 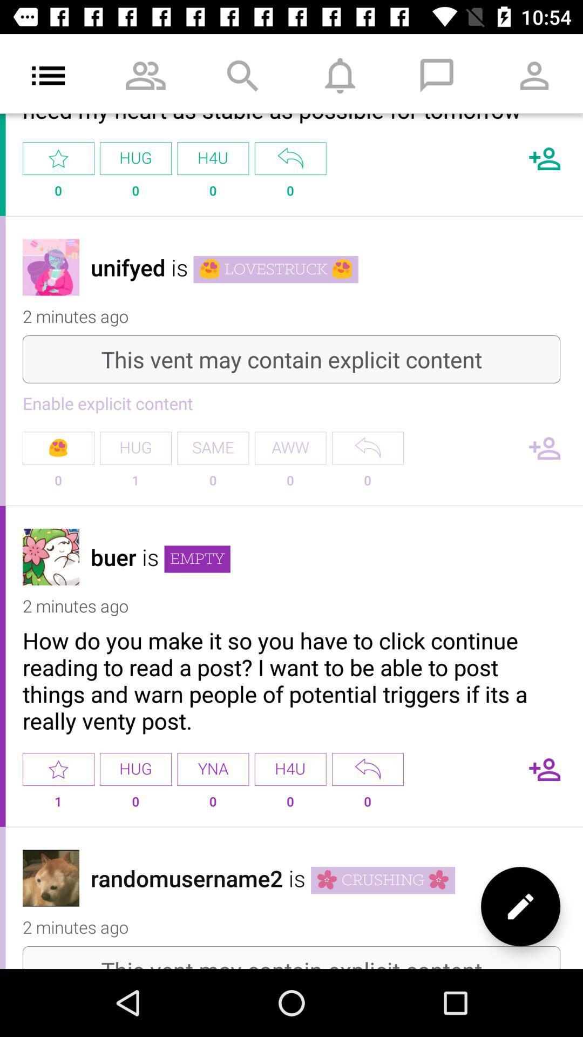 What do you see at coordinates (51, 267) in the screenshot?
I see `commenter 's page` at bounding box center [51, 267].